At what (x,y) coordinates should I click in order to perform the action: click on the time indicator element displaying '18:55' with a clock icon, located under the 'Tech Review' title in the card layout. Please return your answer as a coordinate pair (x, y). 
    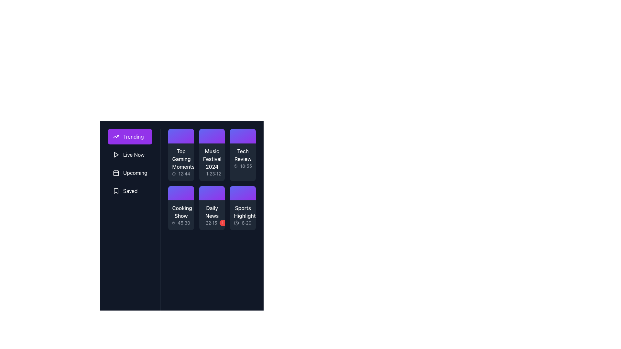
    Looking at the image, I should click on (243, 165).